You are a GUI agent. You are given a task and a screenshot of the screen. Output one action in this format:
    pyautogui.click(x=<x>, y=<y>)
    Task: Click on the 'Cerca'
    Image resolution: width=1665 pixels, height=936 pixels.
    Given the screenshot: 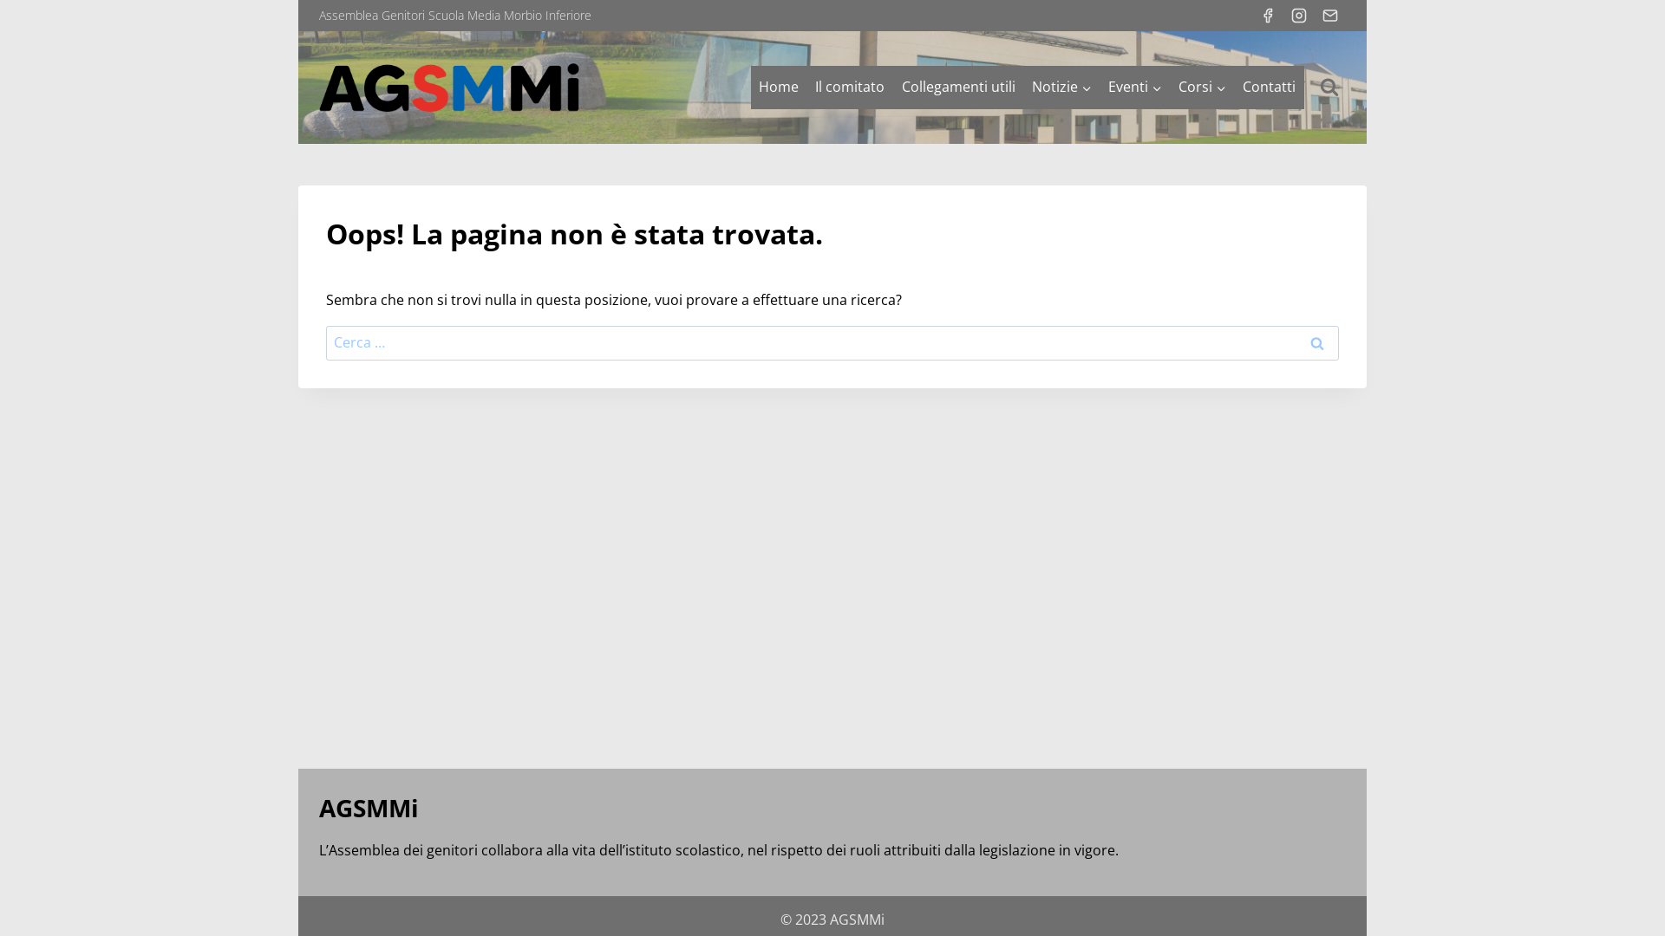 What is the action you would take?
    pyautogui.click(x=1316, y=343)
    